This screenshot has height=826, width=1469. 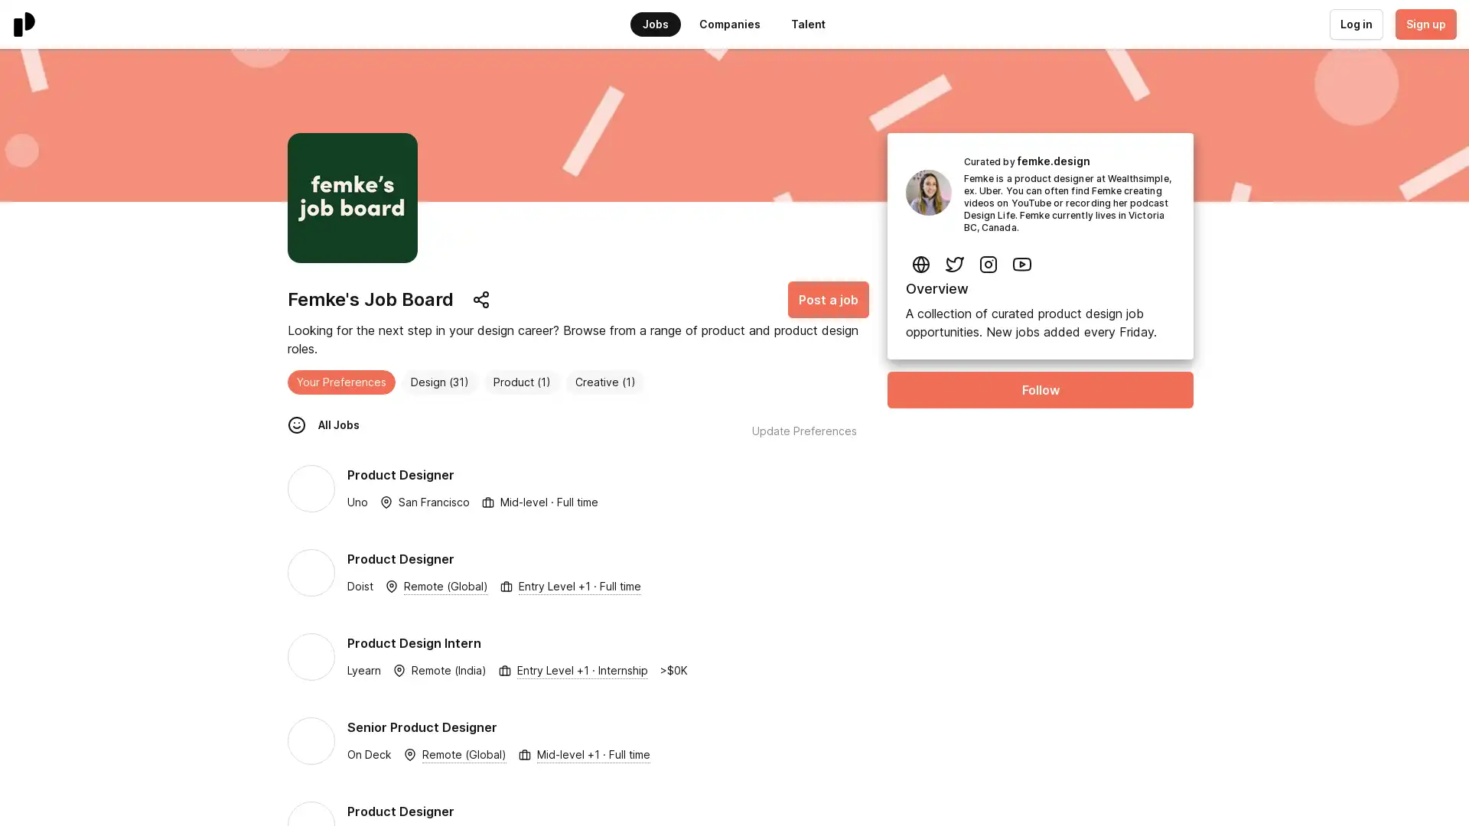 What do you see at coordinates (1424, 24) in the screenshot?
I see `Sign up` at bounding box center [1424, 24].